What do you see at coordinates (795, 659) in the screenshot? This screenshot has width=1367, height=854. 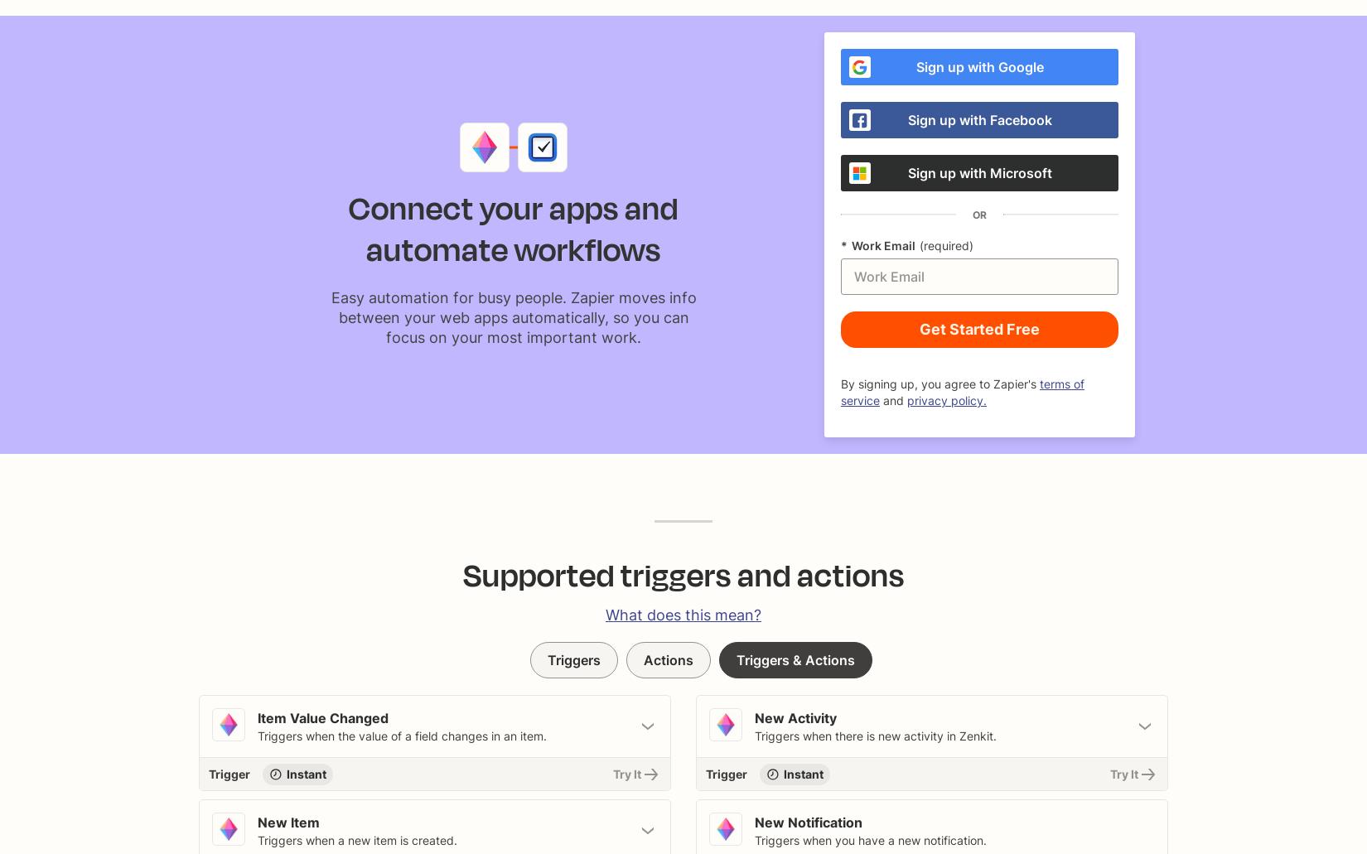 I see `'Triggers & Actions'` at bounding box center [795, 659].